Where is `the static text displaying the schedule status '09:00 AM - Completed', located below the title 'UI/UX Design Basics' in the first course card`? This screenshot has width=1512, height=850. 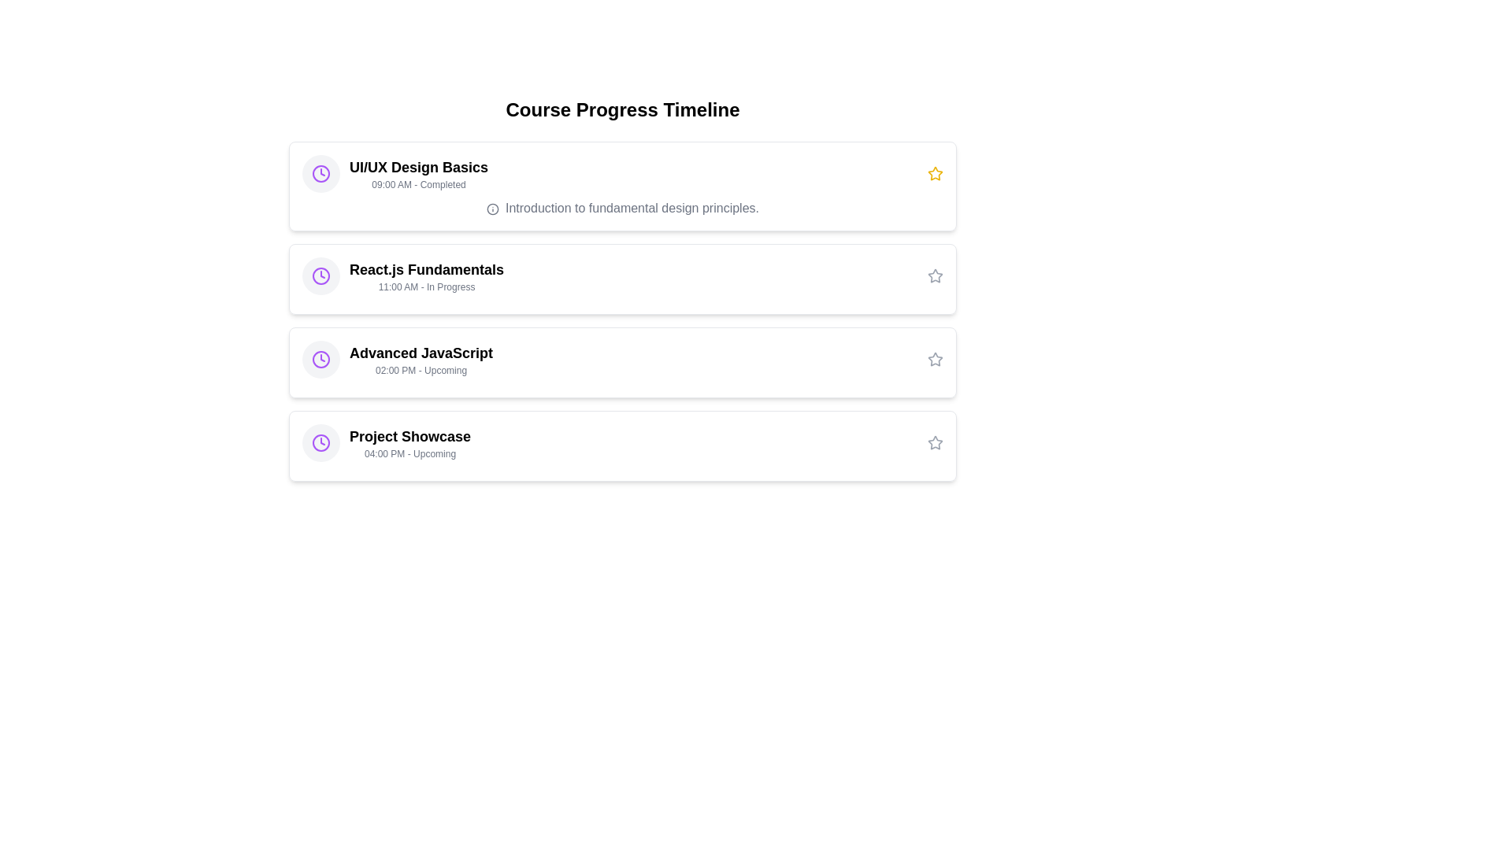
the static text displaying the schedule status '09:00 AM - Completed', located below the title 'UI/UX Design Basics' in the first course card is located at coordinates (419, 184).